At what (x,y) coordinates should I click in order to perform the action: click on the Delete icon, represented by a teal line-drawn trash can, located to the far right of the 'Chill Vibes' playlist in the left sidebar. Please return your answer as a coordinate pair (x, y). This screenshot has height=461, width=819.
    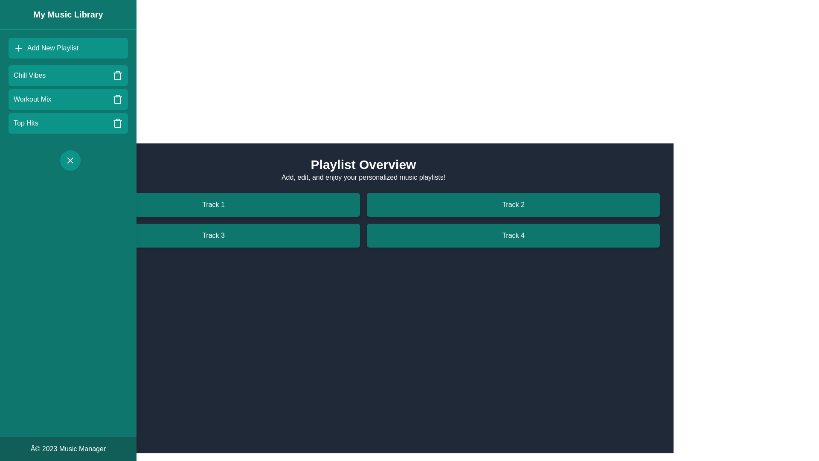
    Looking at the image, I should click on (117, 75).